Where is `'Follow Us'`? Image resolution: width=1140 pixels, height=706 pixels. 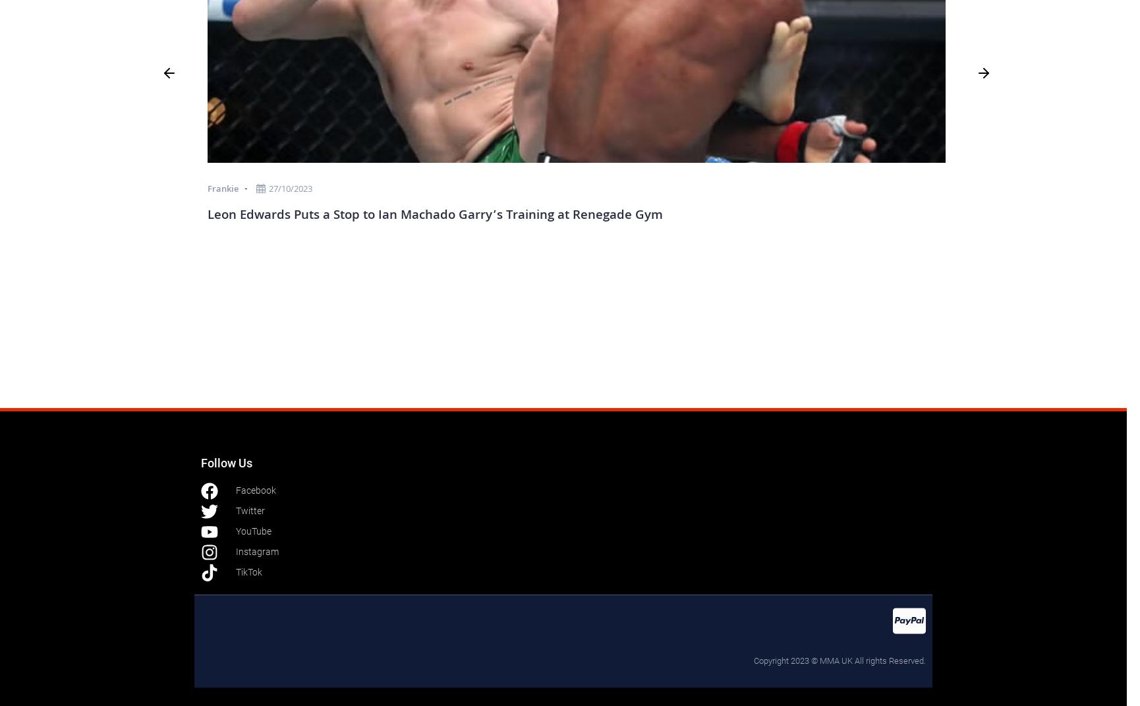 'Follow Us' is located at coordinates (226, 462).